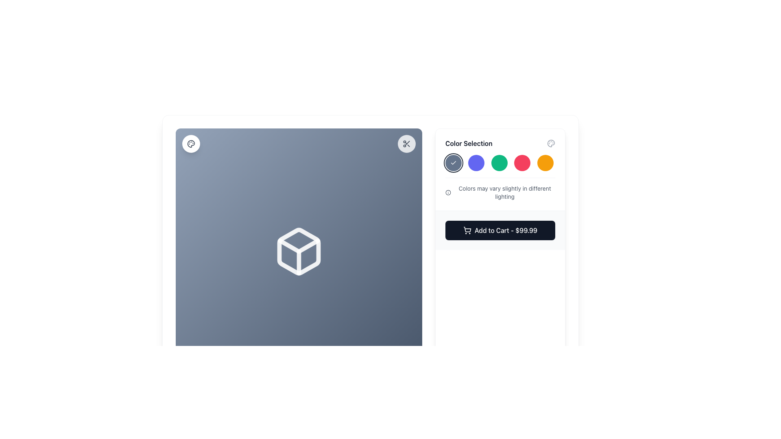 The height and width of the screenshot is (439, 781). Describe the element at coordinates (453, 163) in the screenshot. I see `the checkmark icon inside the circular button` at that location.